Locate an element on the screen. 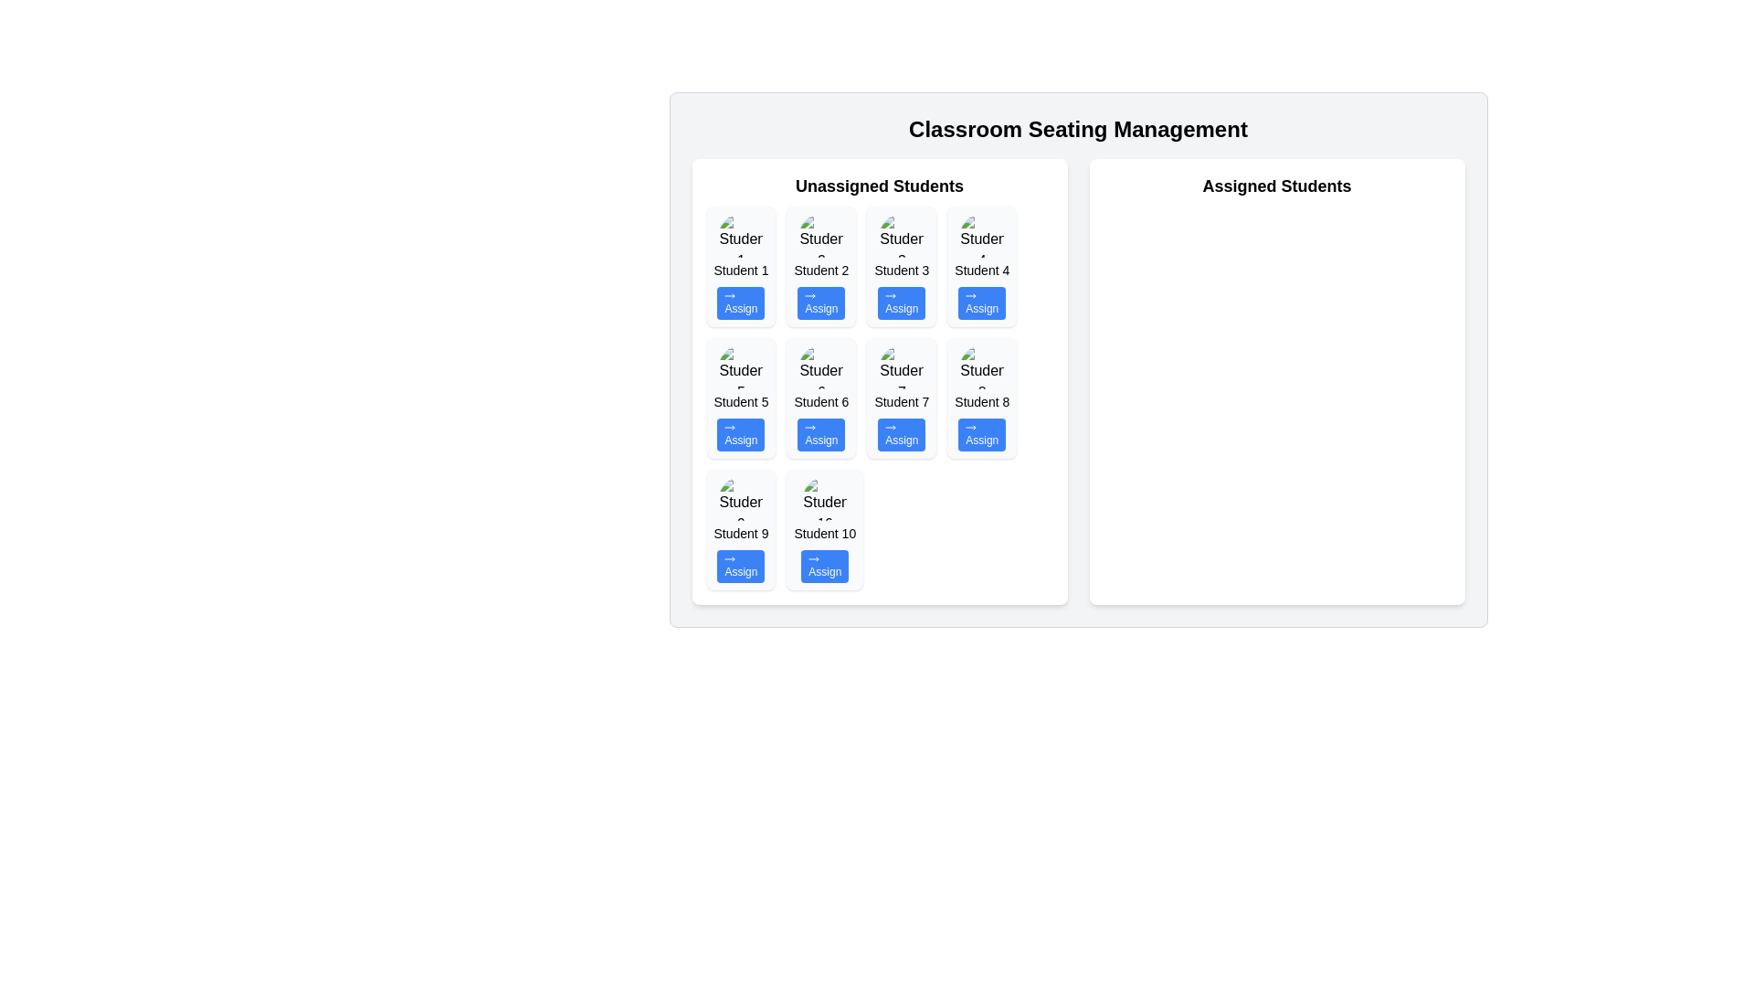 This screenshot has height=987, width=1754. the button labeled 'Assign to Category' for 'Student 3' located in the third column of the 'Unassigned Students' section to observe visual changes is located at coordinates (902, 302).